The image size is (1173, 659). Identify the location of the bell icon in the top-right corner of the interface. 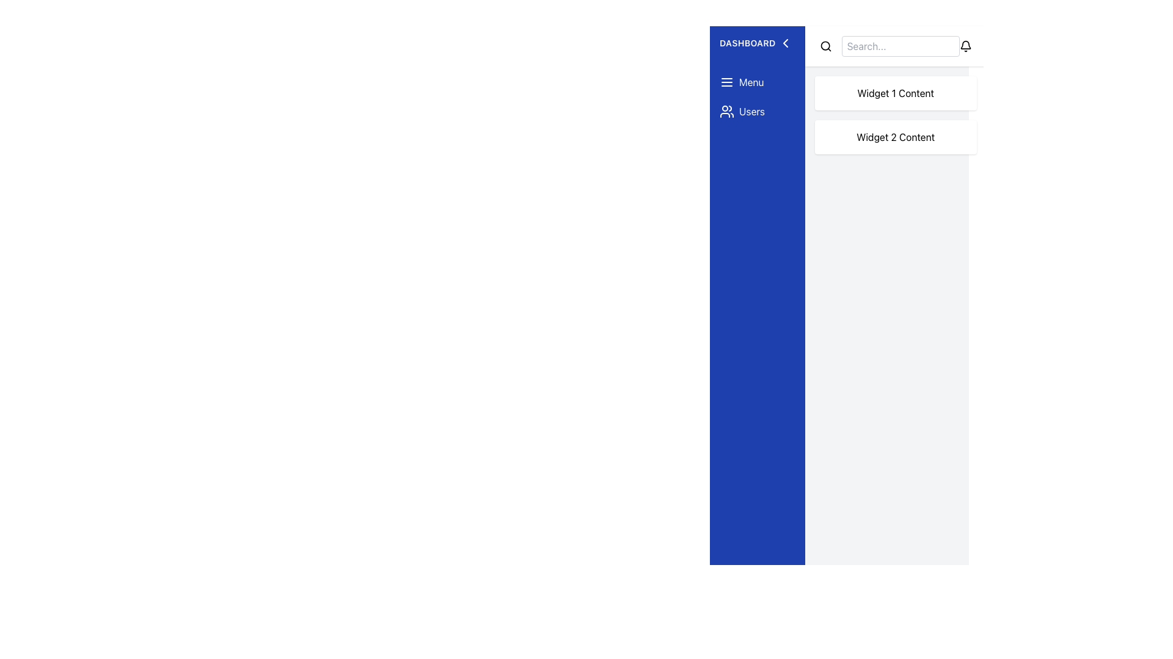
(965, 46).